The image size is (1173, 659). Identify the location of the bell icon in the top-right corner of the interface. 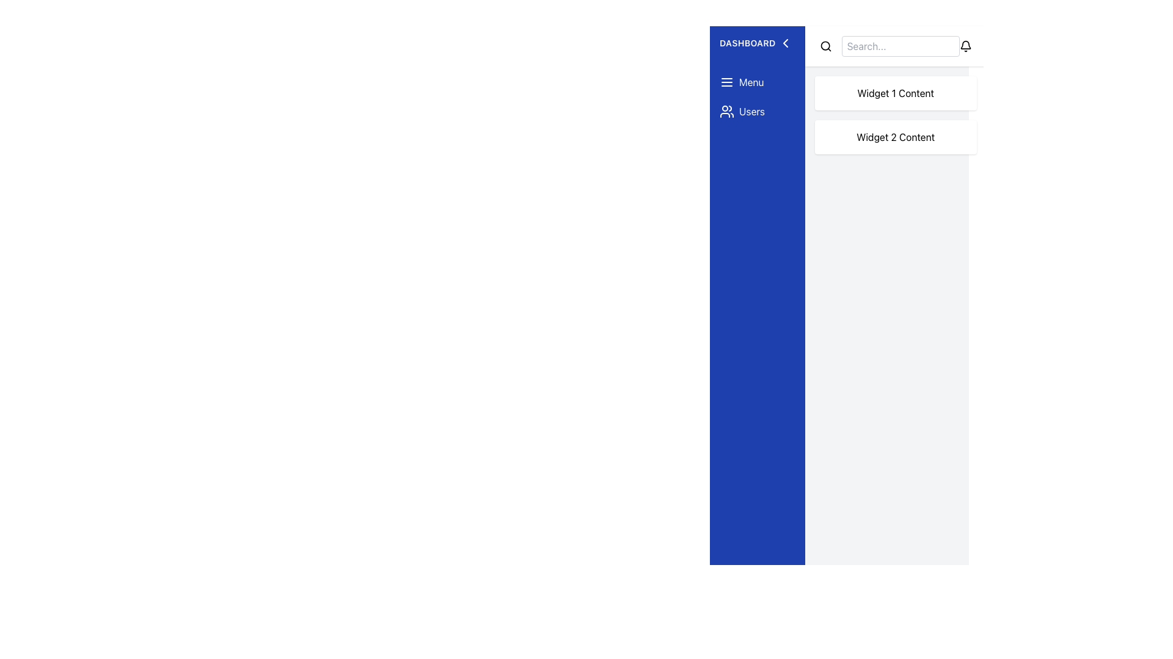
(965, 46).